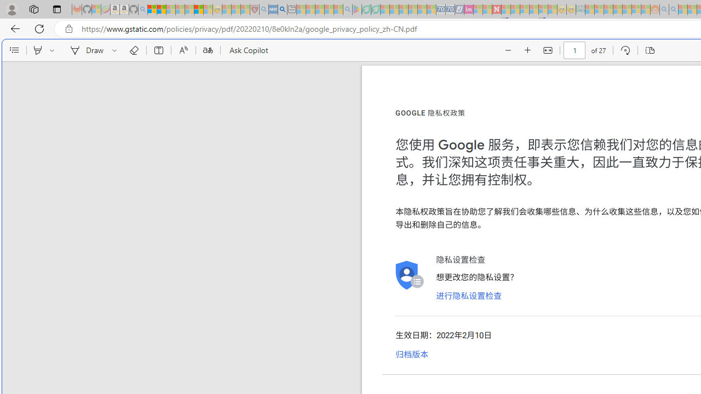 The width and height of the screenshot is (701, 394). Describe the element at coordinates (625, 50) in the screenshot. I see `'Rotate (Ctrl+])'` at that location.